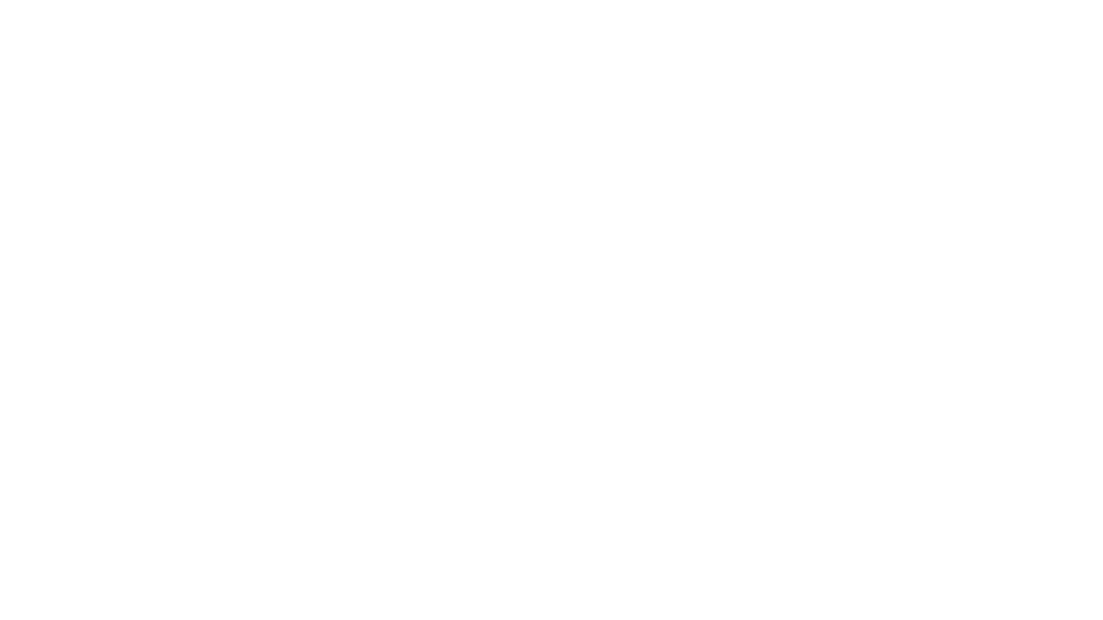 The image size is (1103, 620). What do you see at coordinates (624, 585) in the screenshot?
I see `Ecology and Evolutionary Biology` at bounding box center [624, 585].